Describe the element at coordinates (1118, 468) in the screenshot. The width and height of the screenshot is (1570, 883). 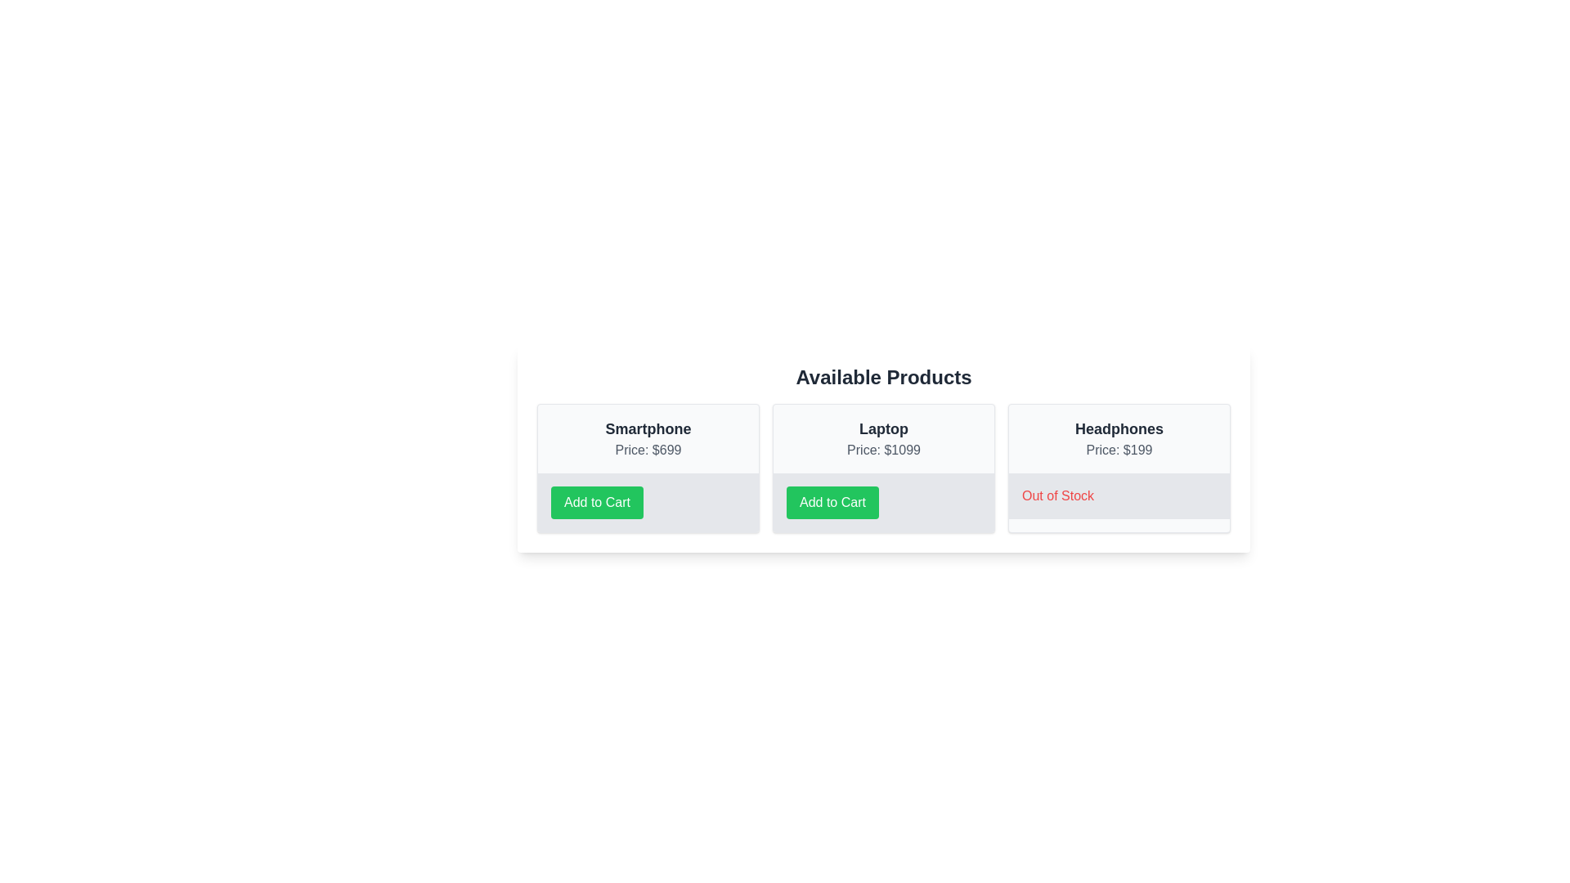
I see `the Information card that provides details about 'Headphones', which is the third card in a grid layout of products, positioned to the right of the 'Laptop' card and below the title 'Available Products'` at that location.